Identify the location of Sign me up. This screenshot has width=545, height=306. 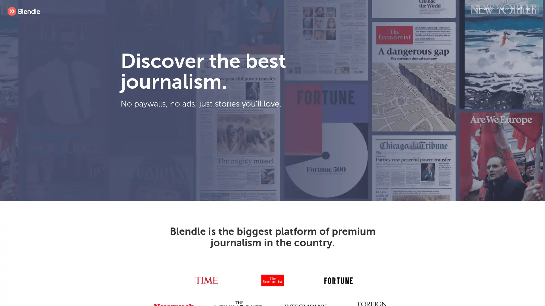
(225, 148).